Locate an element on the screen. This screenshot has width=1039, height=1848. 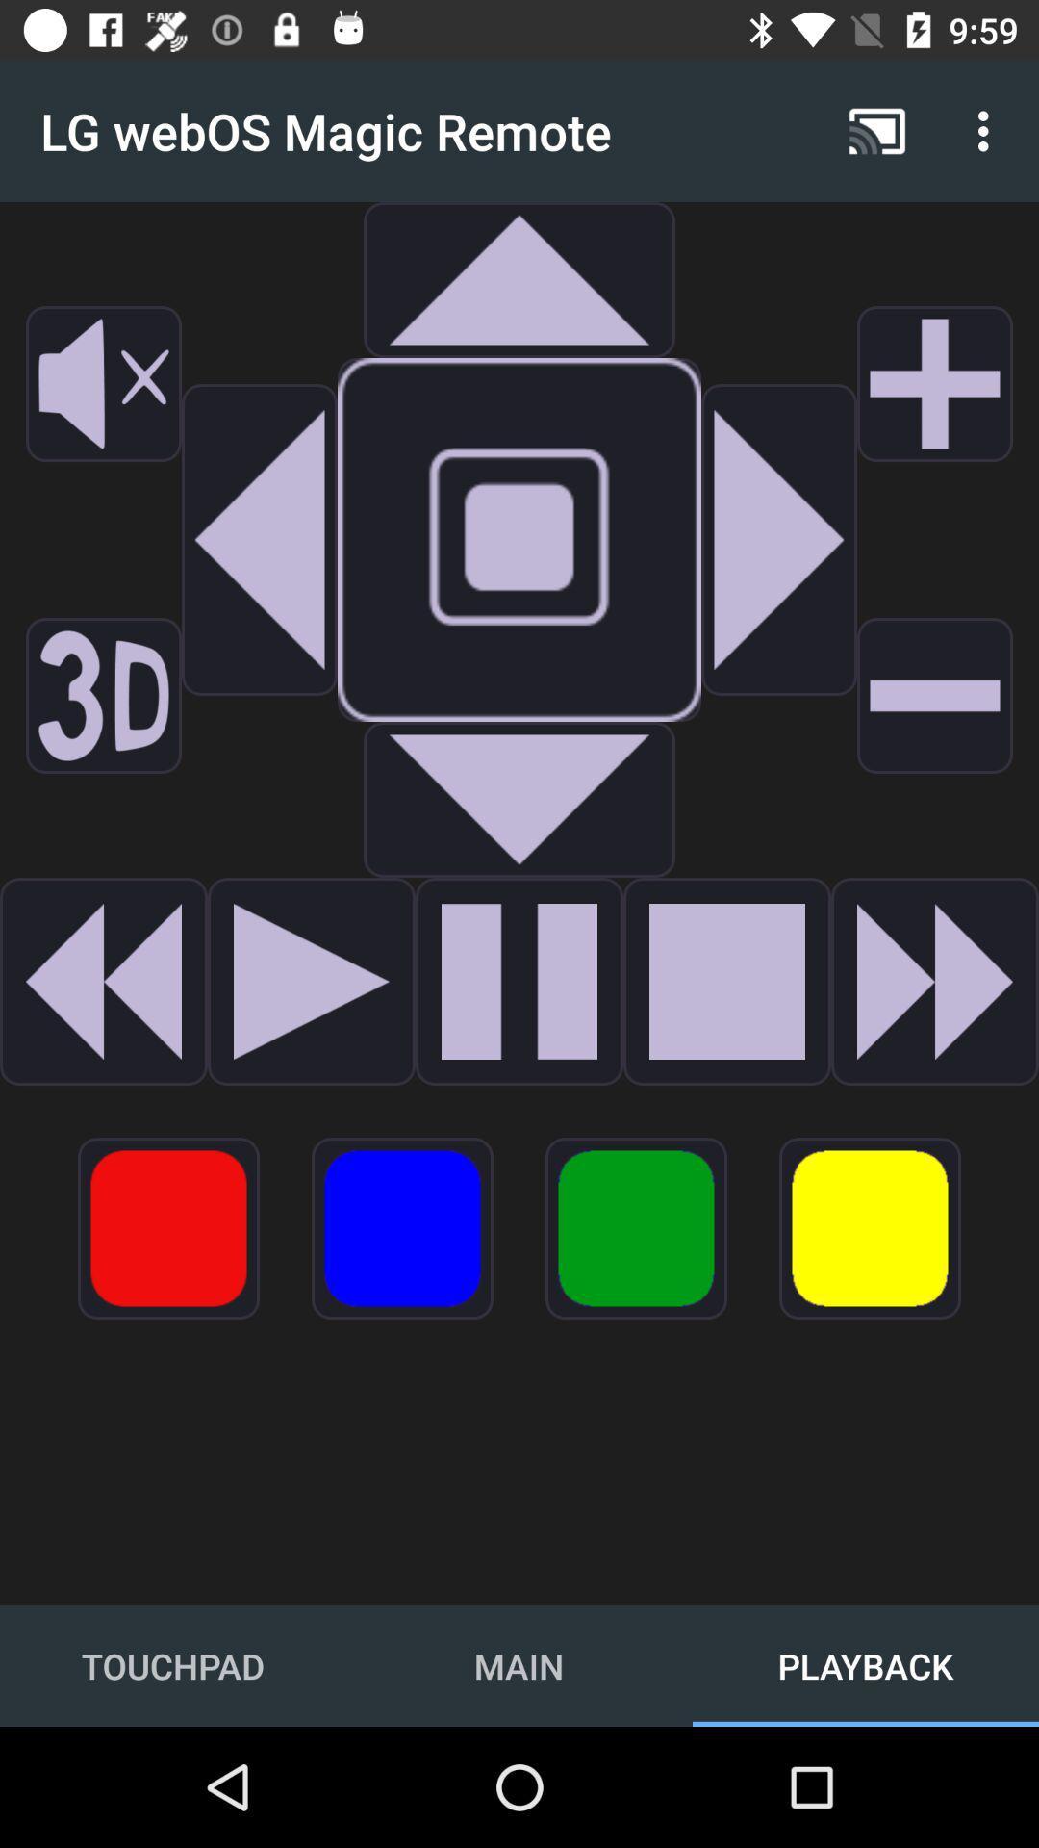
navigate to the left is located at coordinates (260, 539).